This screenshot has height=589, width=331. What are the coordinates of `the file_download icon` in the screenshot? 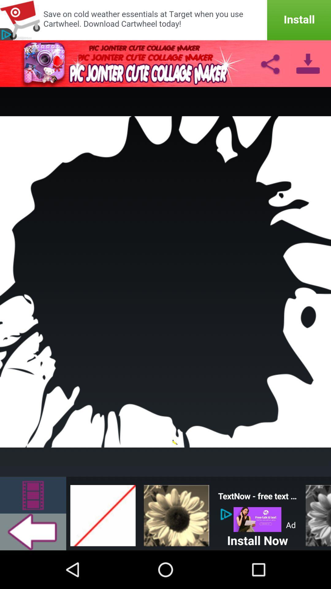 It's located at (308, 68).